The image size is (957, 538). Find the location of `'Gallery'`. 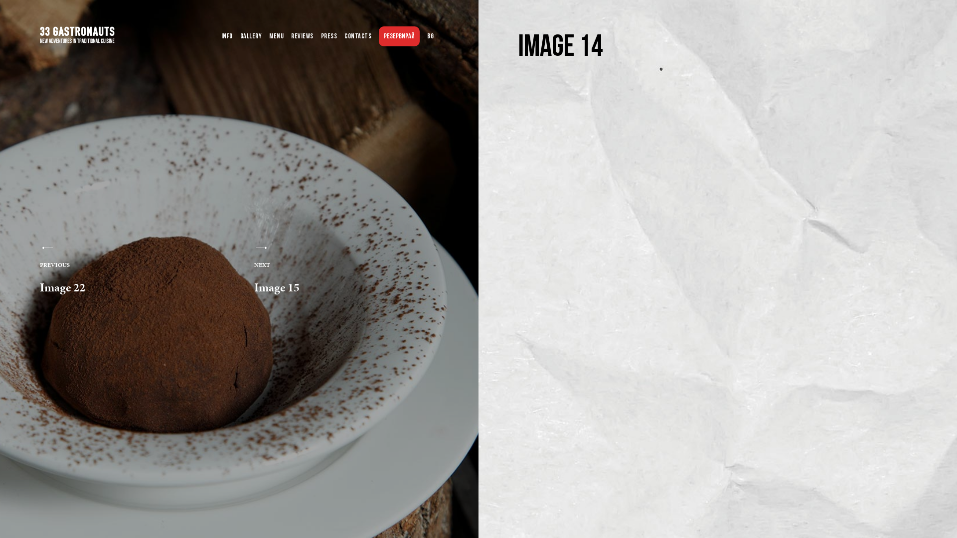

'Gallery' is located at coordinates (251, 36).